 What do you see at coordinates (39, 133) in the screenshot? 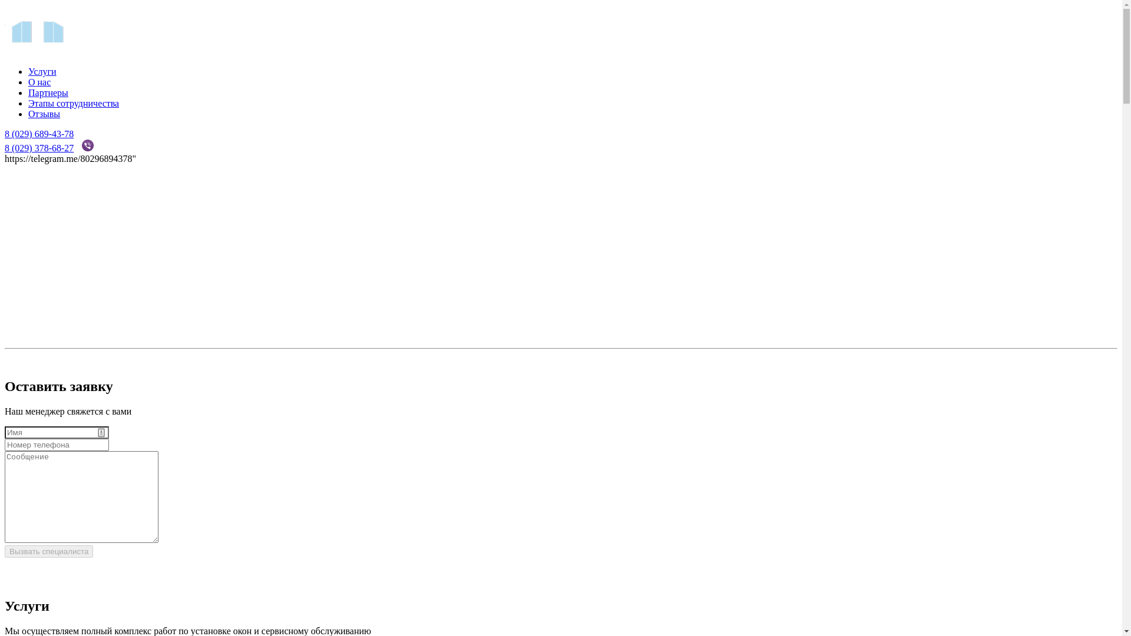
I see `'8 (029) 689-43-78'` at bounding box center [39, 133].